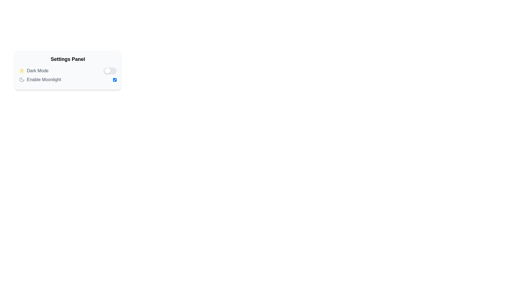 The width and height of the screenshot is (532, 299). Describe the element at coordinates (67, 80) in the screenshot. I see `the 'Enable Moonlight' toggle option located in the 'Settings Panel' beneath 'Dark Mode' for accessibility navigation` at that location.